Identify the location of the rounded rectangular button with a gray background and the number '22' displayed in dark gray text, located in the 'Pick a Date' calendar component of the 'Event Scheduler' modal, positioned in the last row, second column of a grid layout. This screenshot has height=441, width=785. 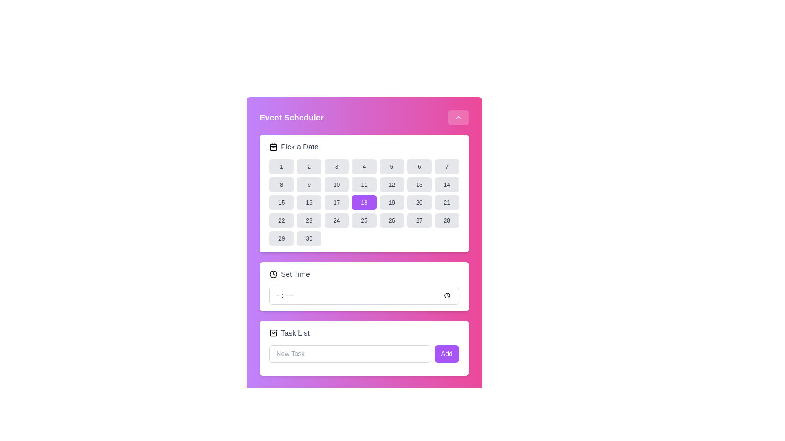
(281, 220).